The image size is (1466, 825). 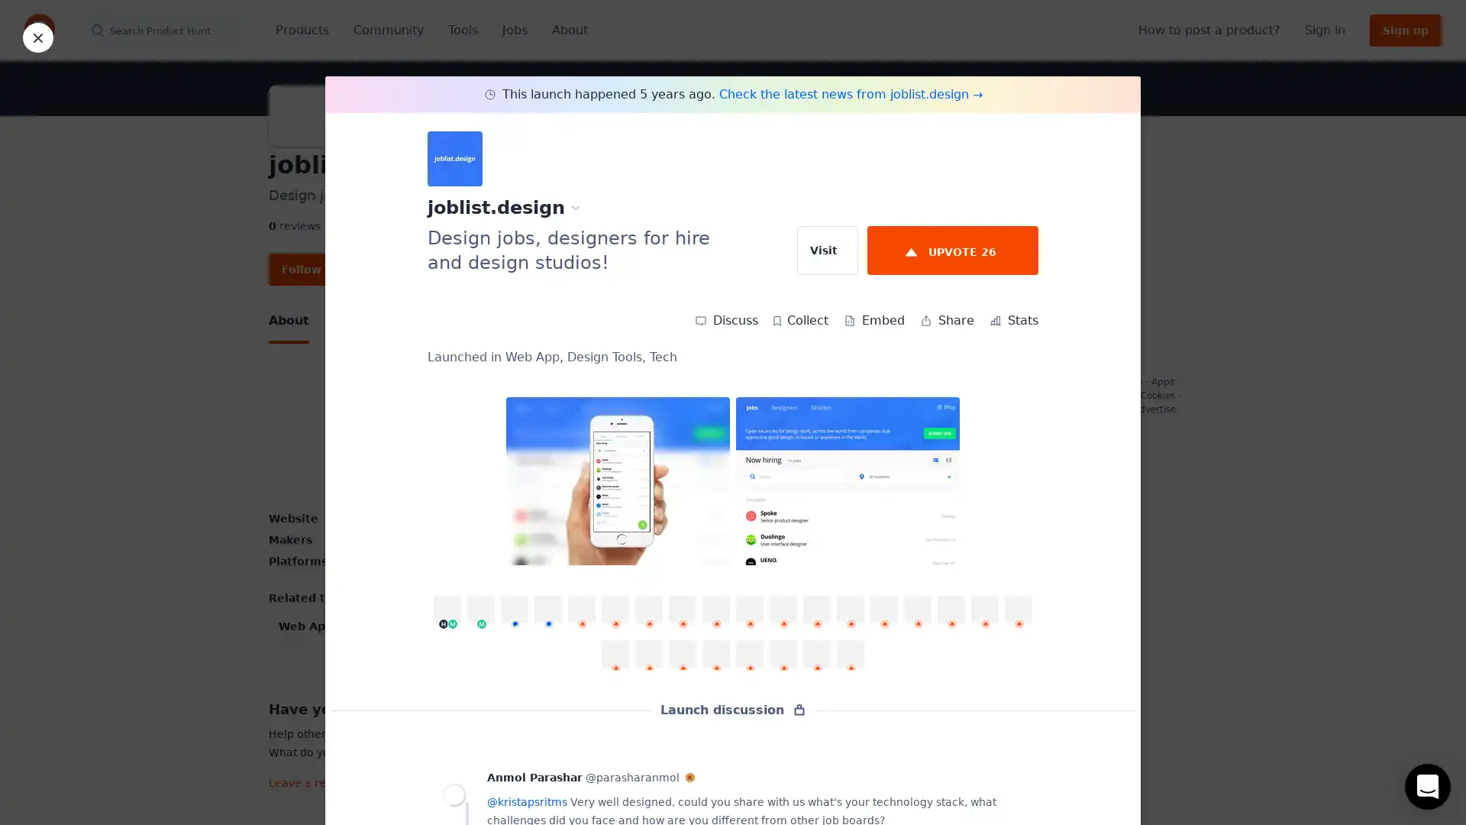 I want to click on UPVOTE 26, so click(x=952, y=249).